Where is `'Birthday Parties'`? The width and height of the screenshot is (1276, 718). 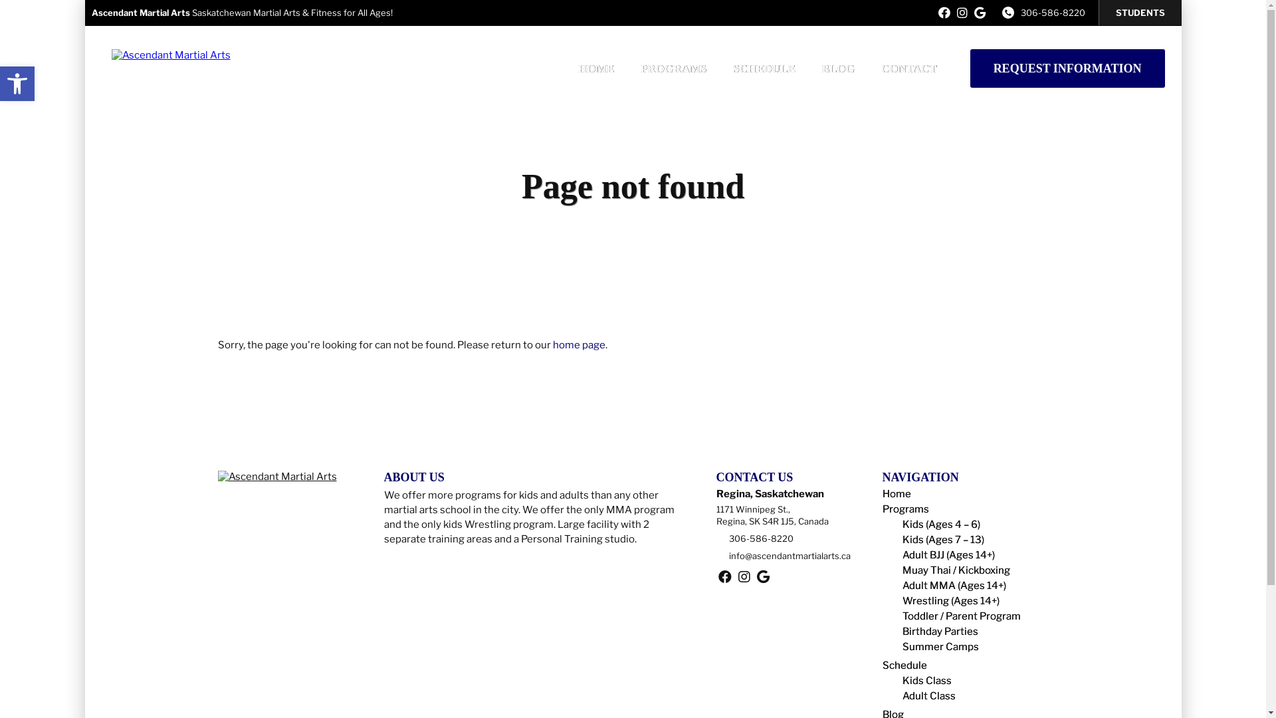
'Birthday Parties' is located at coordinates (940, 630).